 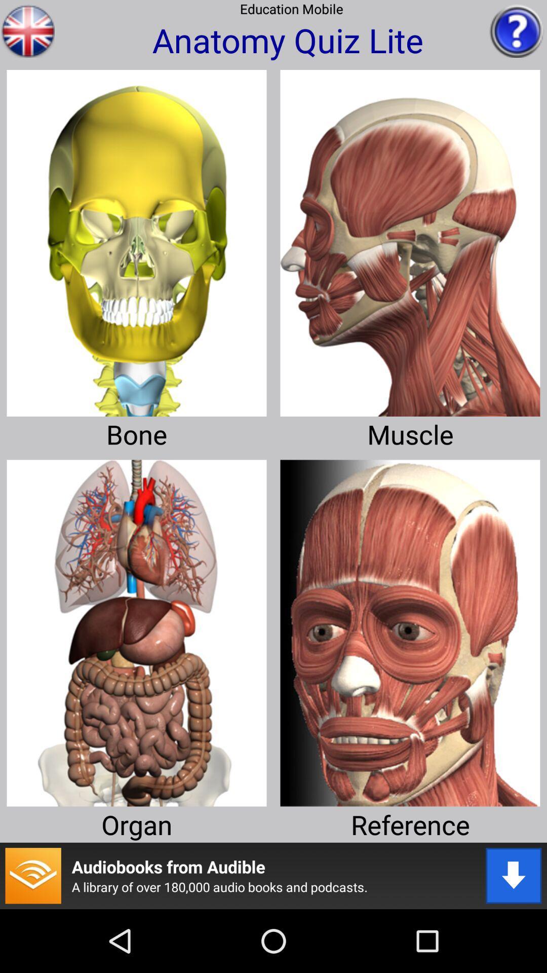 I want to click on enlarge bone, so click(x=137, y=239).